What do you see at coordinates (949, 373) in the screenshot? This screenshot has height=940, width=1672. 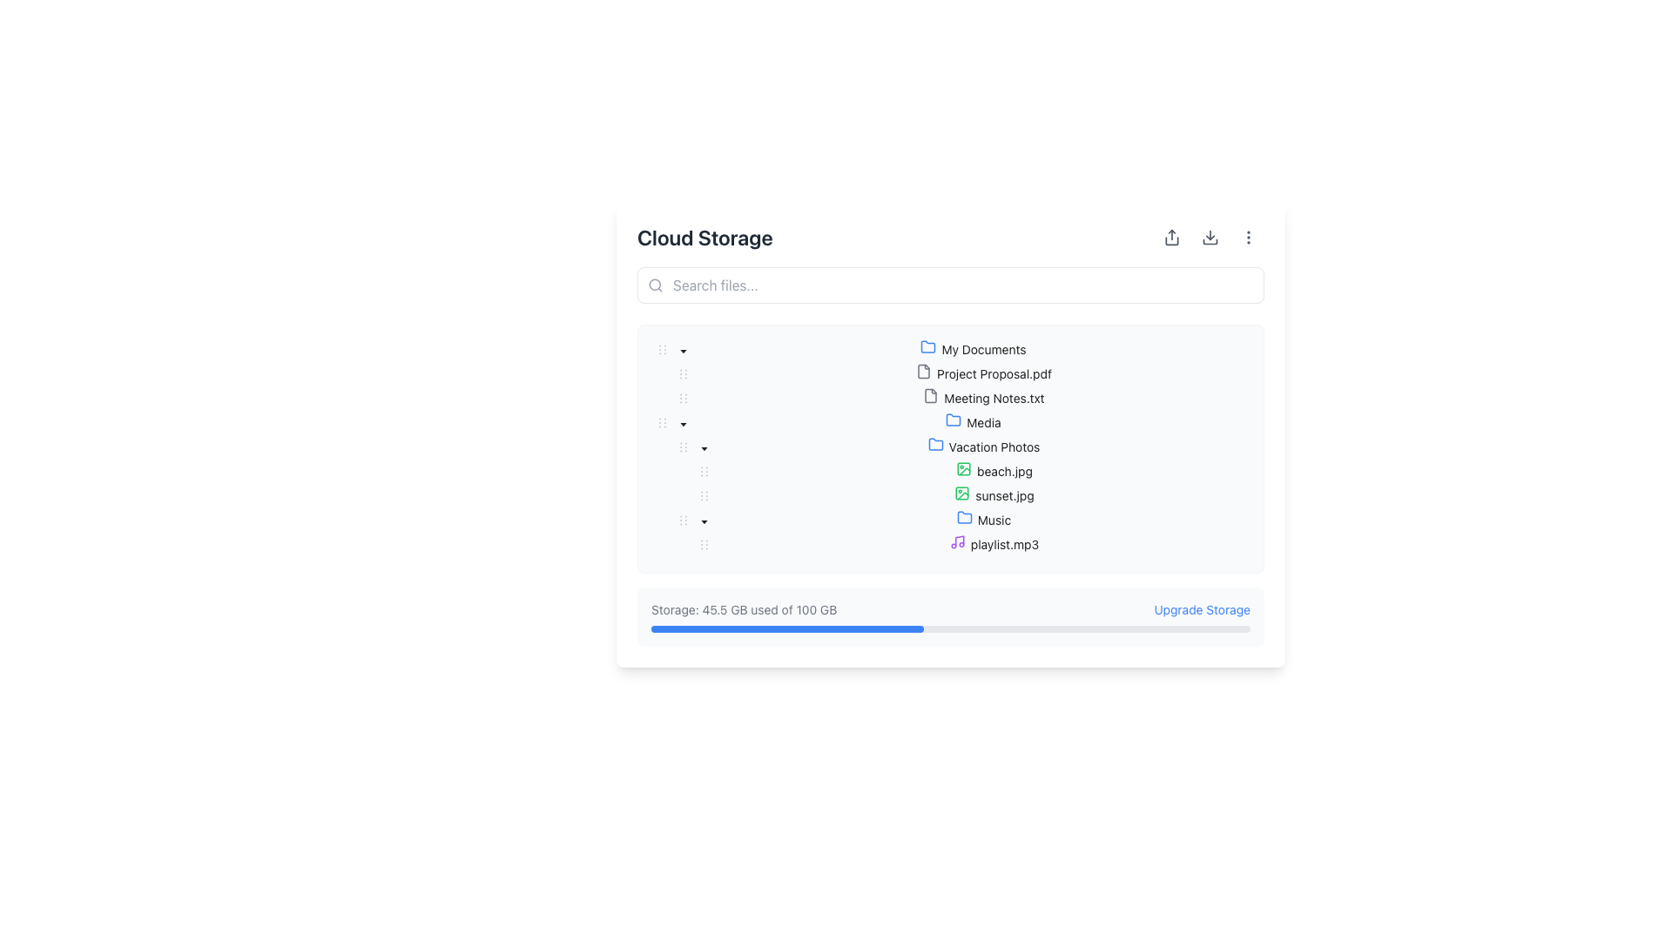 I see `to select the file 'Project Proposal.pdf' in the hierarchical tree structure under 'My Documents'` at bounding box center [949, 373].